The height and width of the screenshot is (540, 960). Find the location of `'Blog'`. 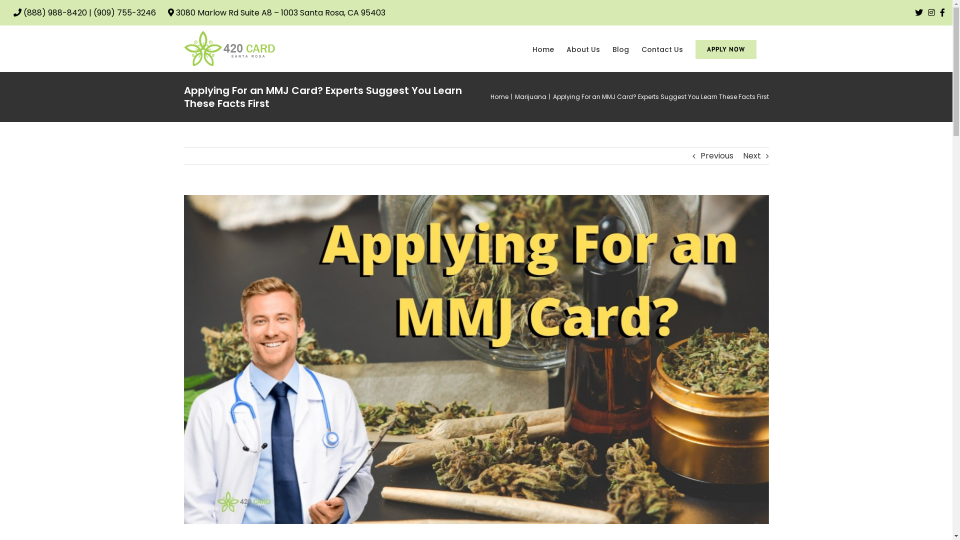

'Blog' is located at coordinates (611, 48).